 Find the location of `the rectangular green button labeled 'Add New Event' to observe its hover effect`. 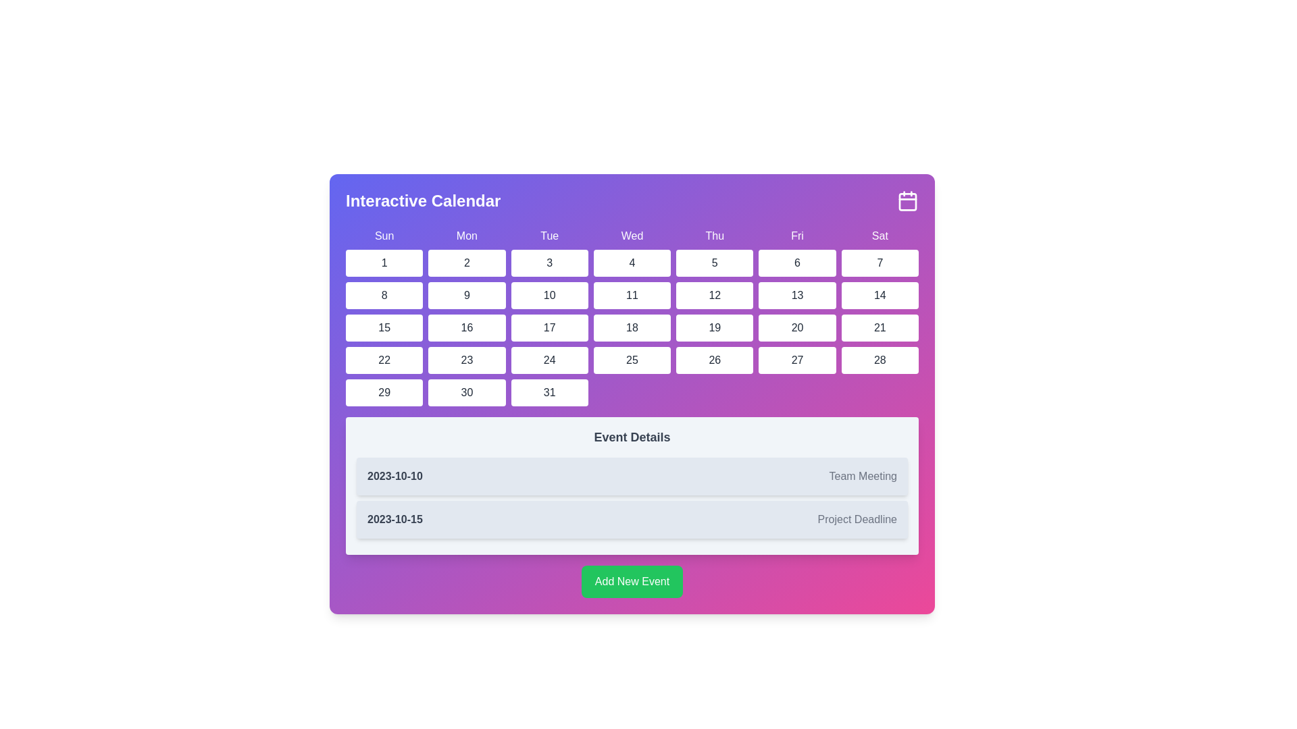

the rectangular green button labeled 'Add New Event' to observe its hover effect is located at coordinates (632, 580).